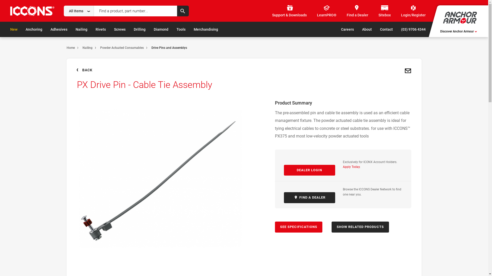 The image size is (492, 276). I want to click on 'Find a Dealer', so click(357, 11).